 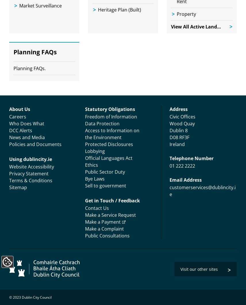 I want to click on 'D08 RF3F', so click(x=170, y=137).